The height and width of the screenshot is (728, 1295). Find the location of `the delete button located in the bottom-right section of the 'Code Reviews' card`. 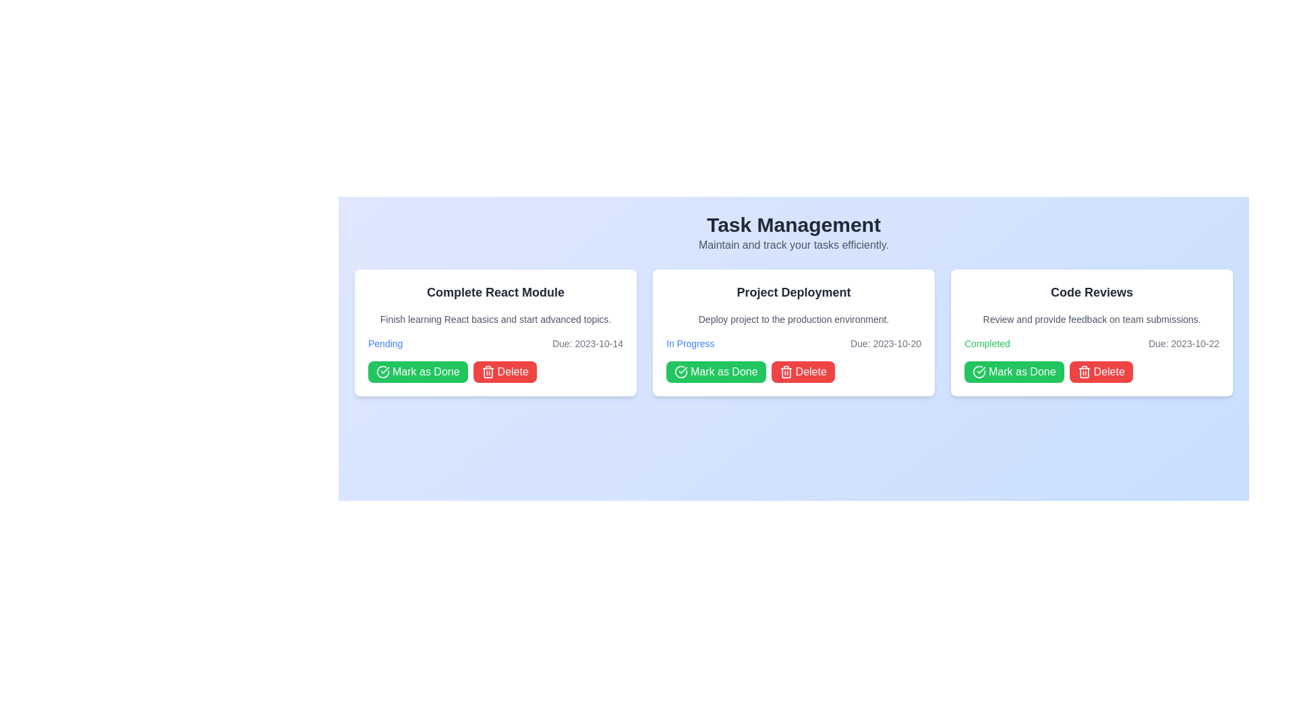

the delete button located in the bottom-right section of the 'Code Reviews' card is located at coordinates (1101, 371).